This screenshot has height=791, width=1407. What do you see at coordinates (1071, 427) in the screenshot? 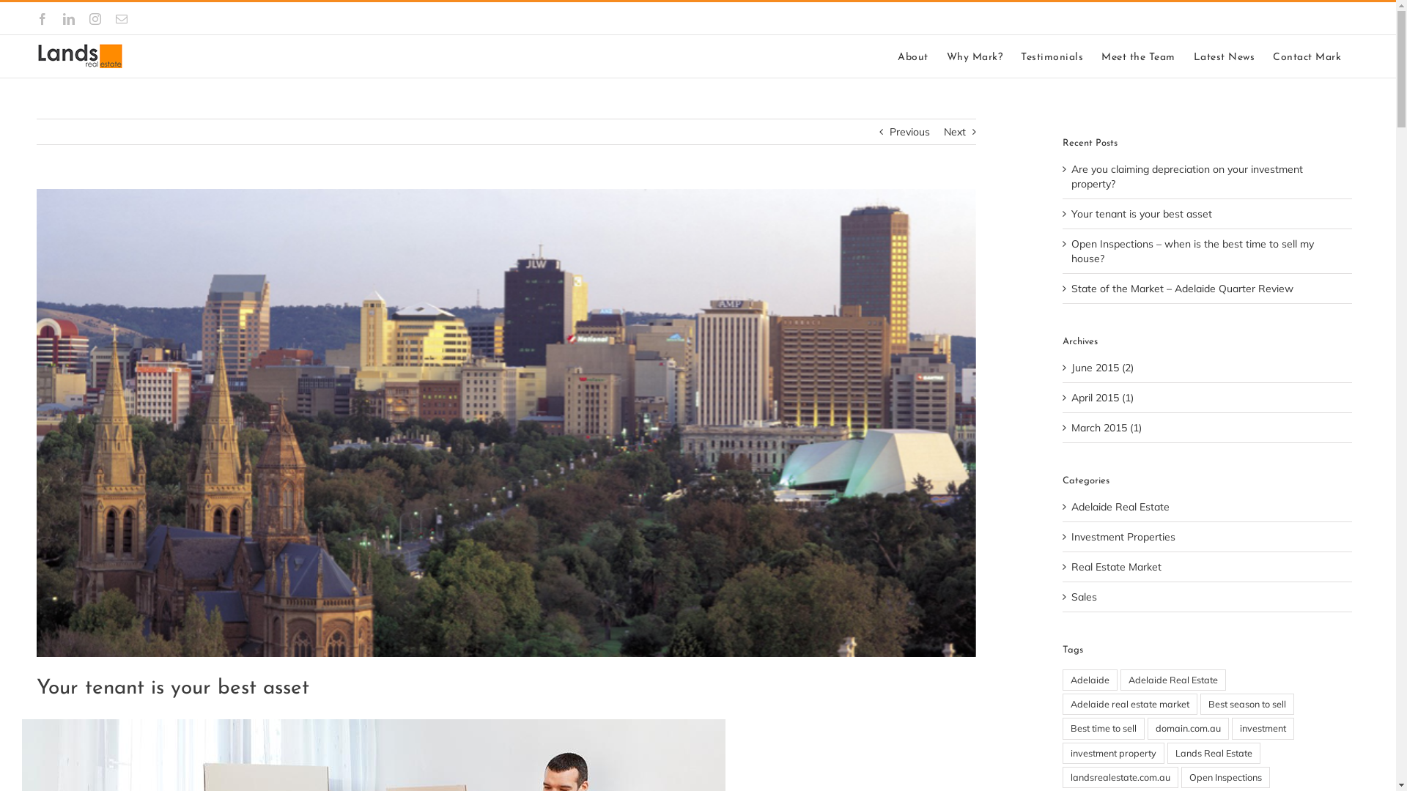
I see `'March 2015 (1)'` at bounding box center [1071, 427].